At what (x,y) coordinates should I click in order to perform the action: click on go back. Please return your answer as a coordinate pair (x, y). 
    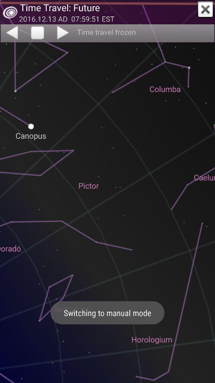
    Looking at the image, I should click on (11, 32).